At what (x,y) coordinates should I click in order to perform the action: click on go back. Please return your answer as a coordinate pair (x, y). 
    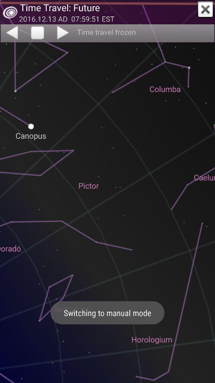
    Looking at the image, I should click on (11, 32).